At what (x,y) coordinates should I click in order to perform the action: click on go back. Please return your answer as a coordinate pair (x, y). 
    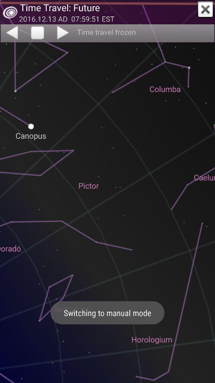
    Looking at the image, I should click on (11, 32).